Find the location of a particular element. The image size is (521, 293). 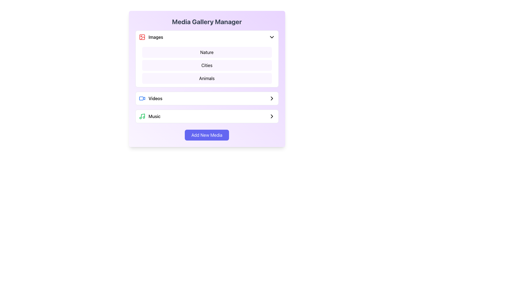

the 'Videos' link in the Media Gallery Manager menu is located at coordinates (150, 98).